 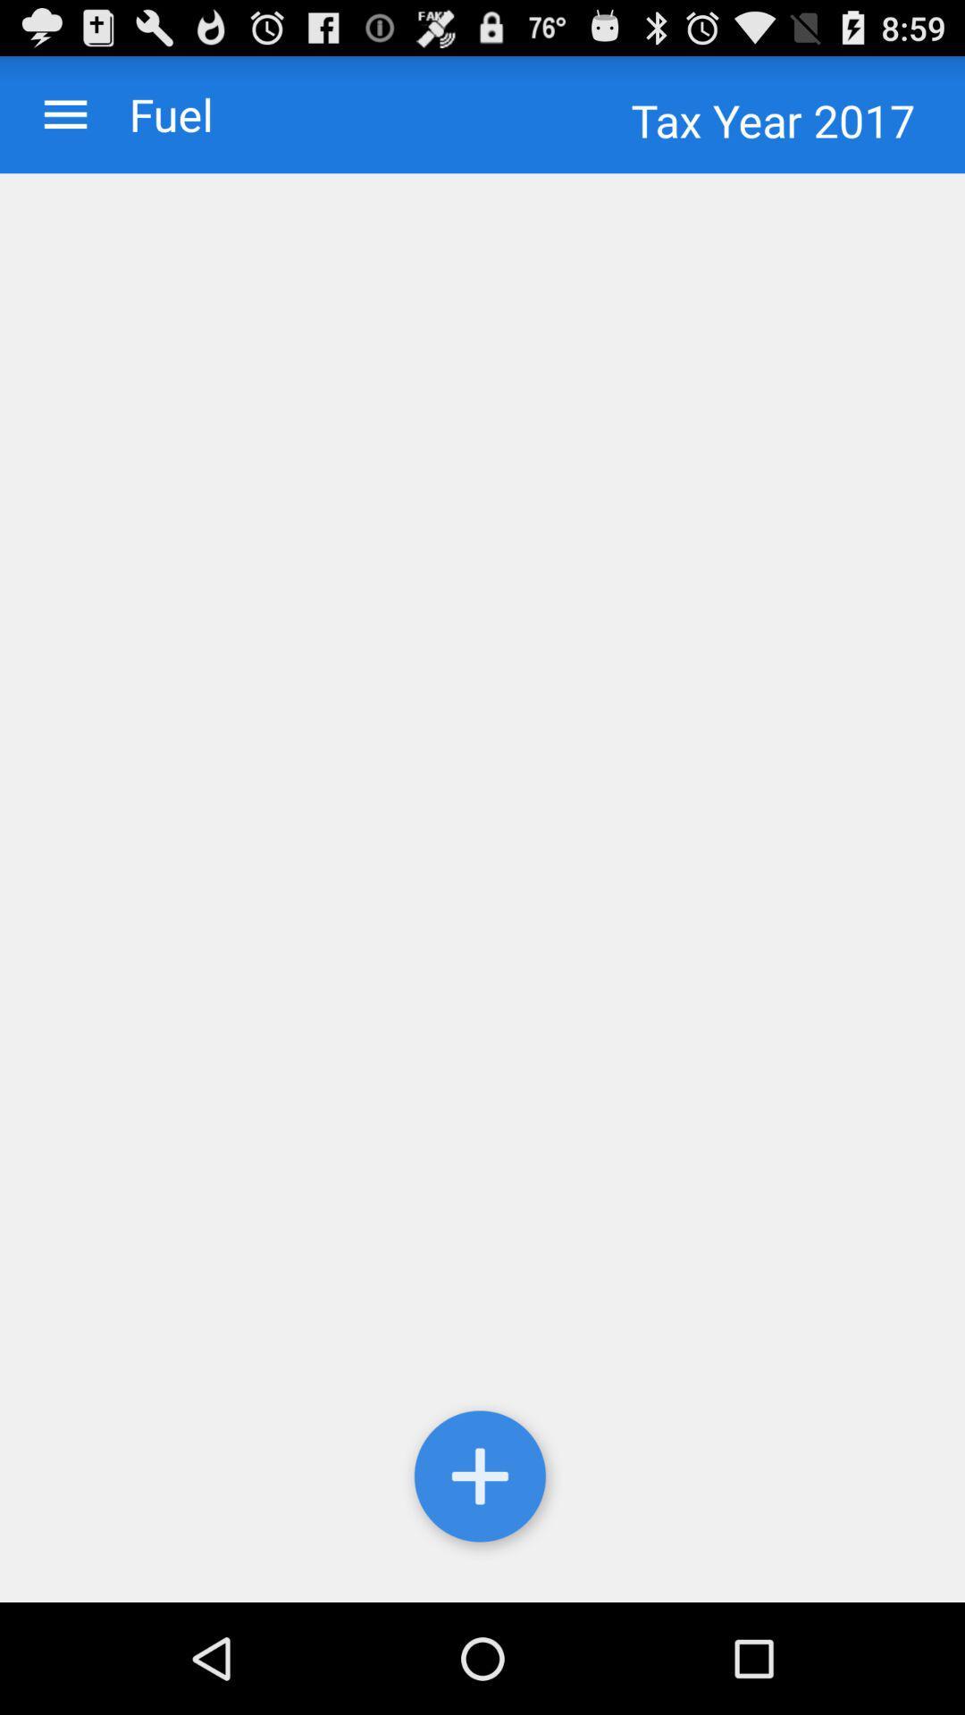 What do you see at coordinates (64, 113) in the screenshot?
I see `other options` at bounding box center [64, 113].